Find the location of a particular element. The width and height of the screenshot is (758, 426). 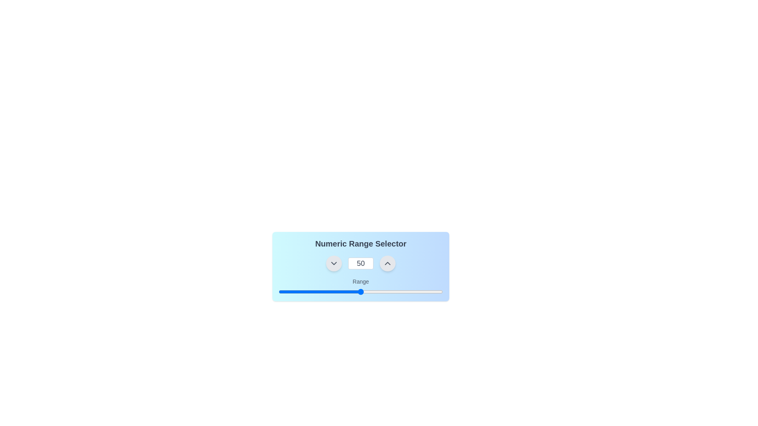

the increment button icon located within the circular button positioned at the top-right corner of the numerical input field to increase the value is located at coordinates (388, 263).